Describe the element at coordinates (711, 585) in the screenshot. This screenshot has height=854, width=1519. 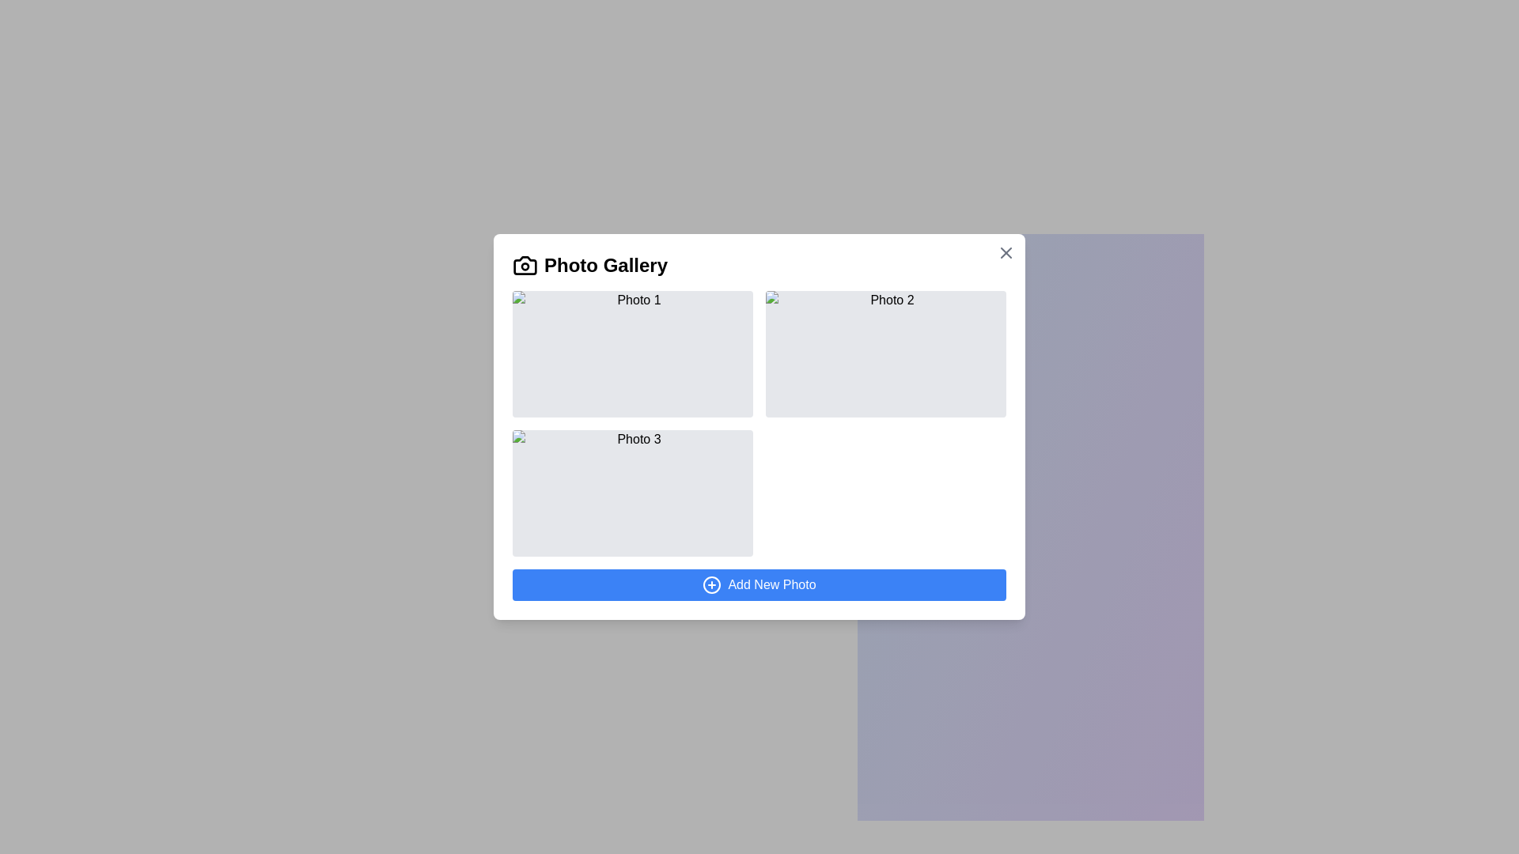
I see `the circular icon with a plus sign located on the left side of the 'Add New Photo' button` at that location.